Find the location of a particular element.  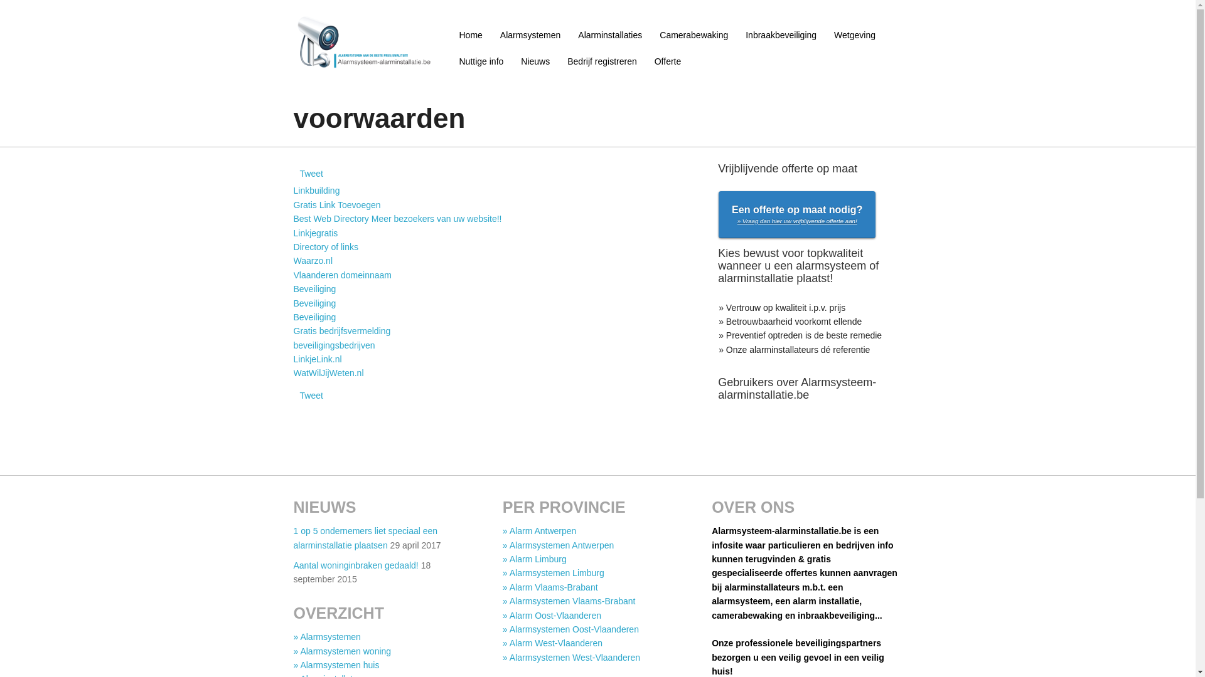

'Tweet' is located at coordinates (299, 174).